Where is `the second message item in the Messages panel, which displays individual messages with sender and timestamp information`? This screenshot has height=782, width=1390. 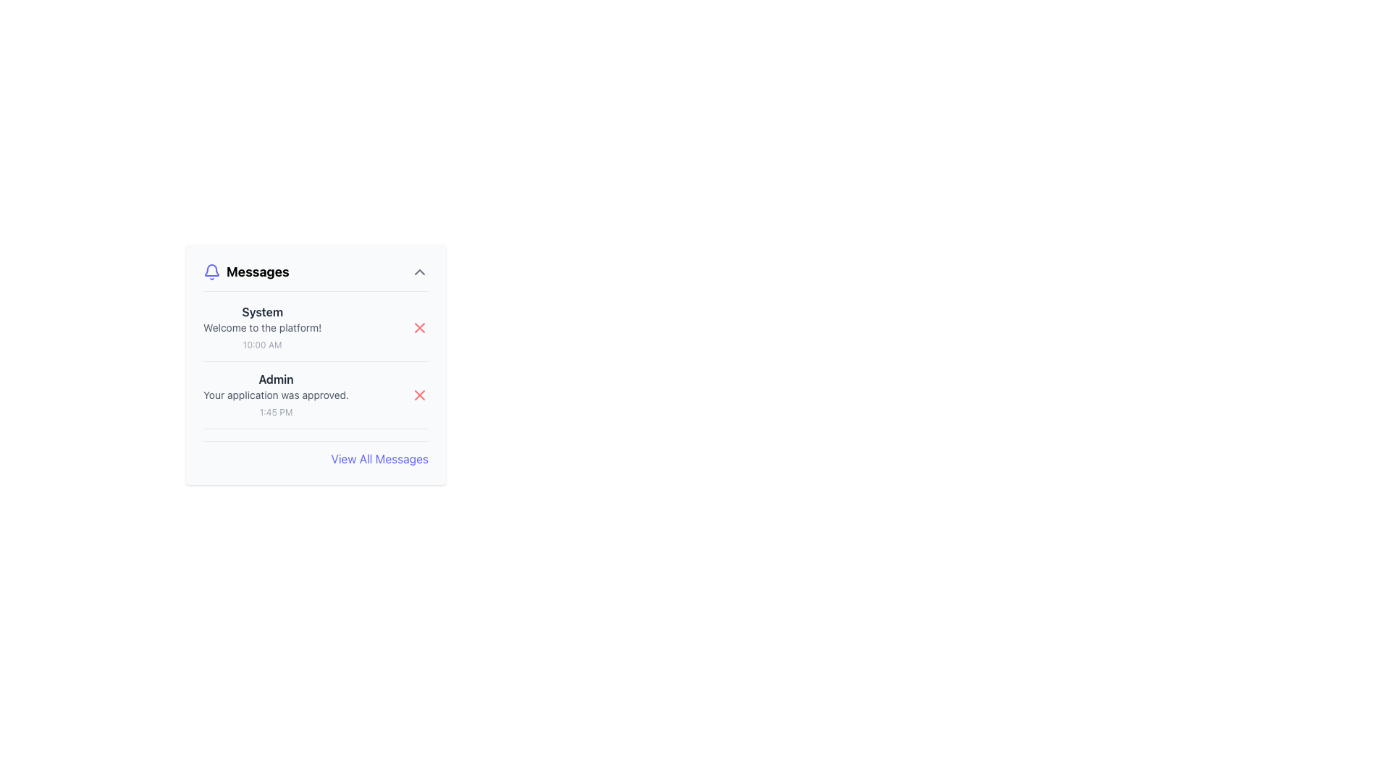
the second message item in the Messages panel, which displays individual messages with sender and timestamp information is located at coordinates (315, 365).